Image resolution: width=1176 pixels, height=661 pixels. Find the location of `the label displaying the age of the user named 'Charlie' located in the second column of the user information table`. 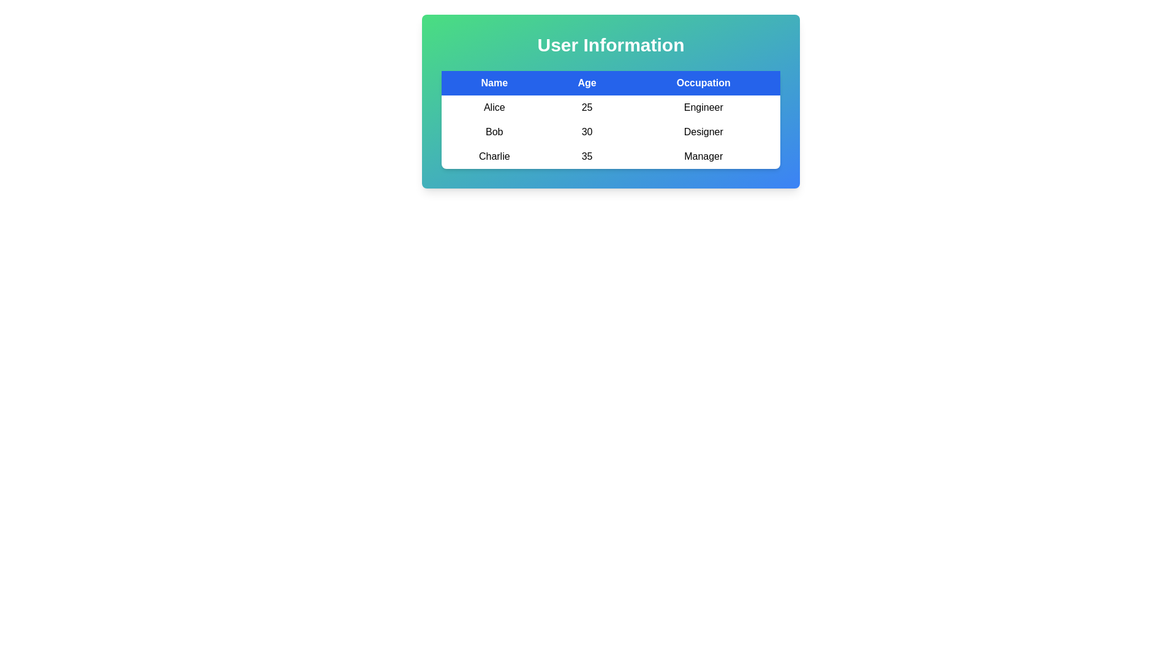

the label displaying the age of the user named 'Charlie' located in the second column of the user information table is located at coordinates (586, 155).